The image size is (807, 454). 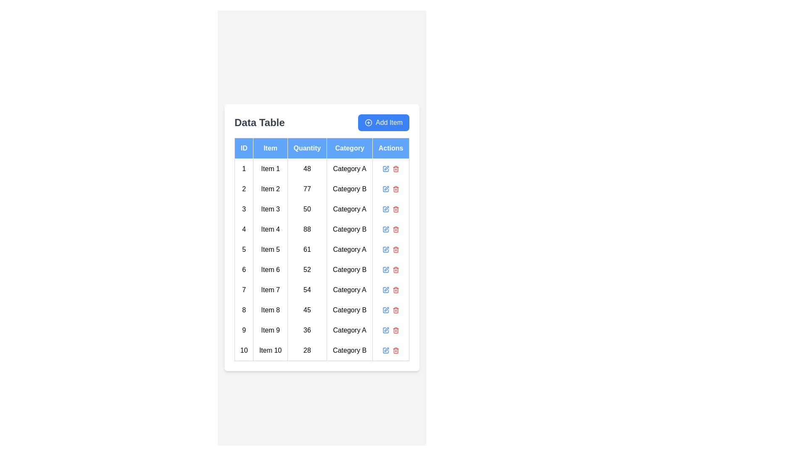 I want to click on the static text element displaying the number '77' in the 'Quantity' column of the second row labeled 'Item 2' in the table, so click(x=306, y=188).